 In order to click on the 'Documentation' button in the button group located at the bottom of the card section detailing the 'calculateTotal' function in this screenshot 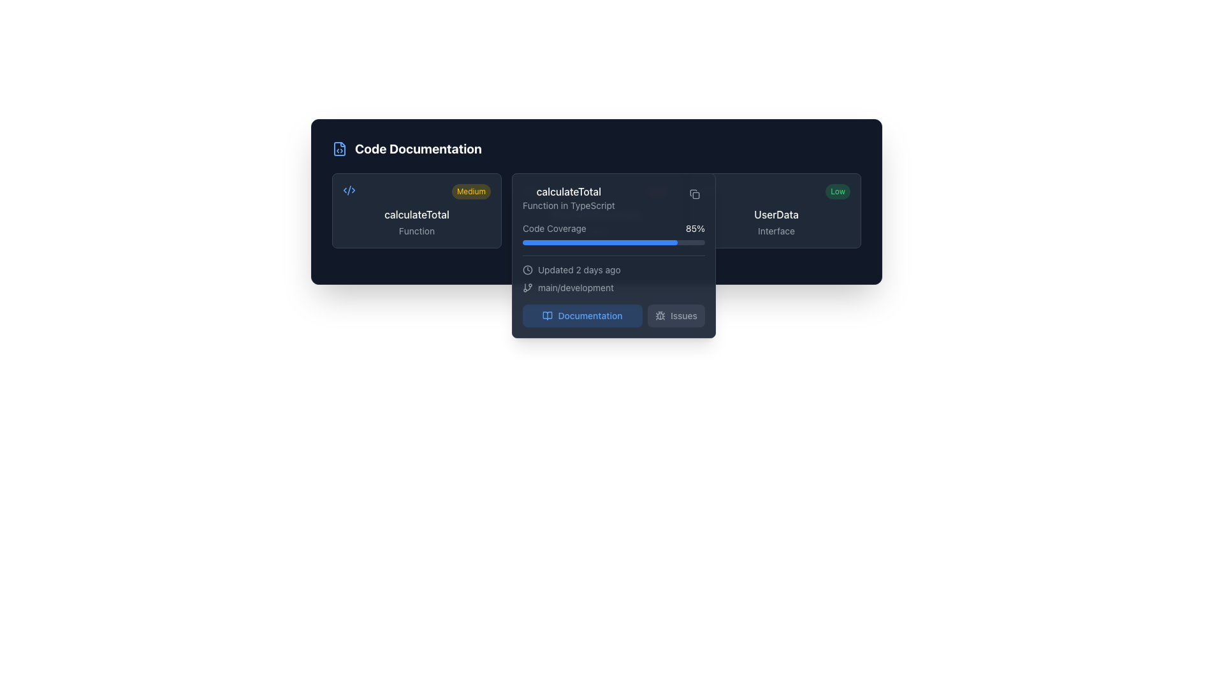, I will do `click(614, 315)`.